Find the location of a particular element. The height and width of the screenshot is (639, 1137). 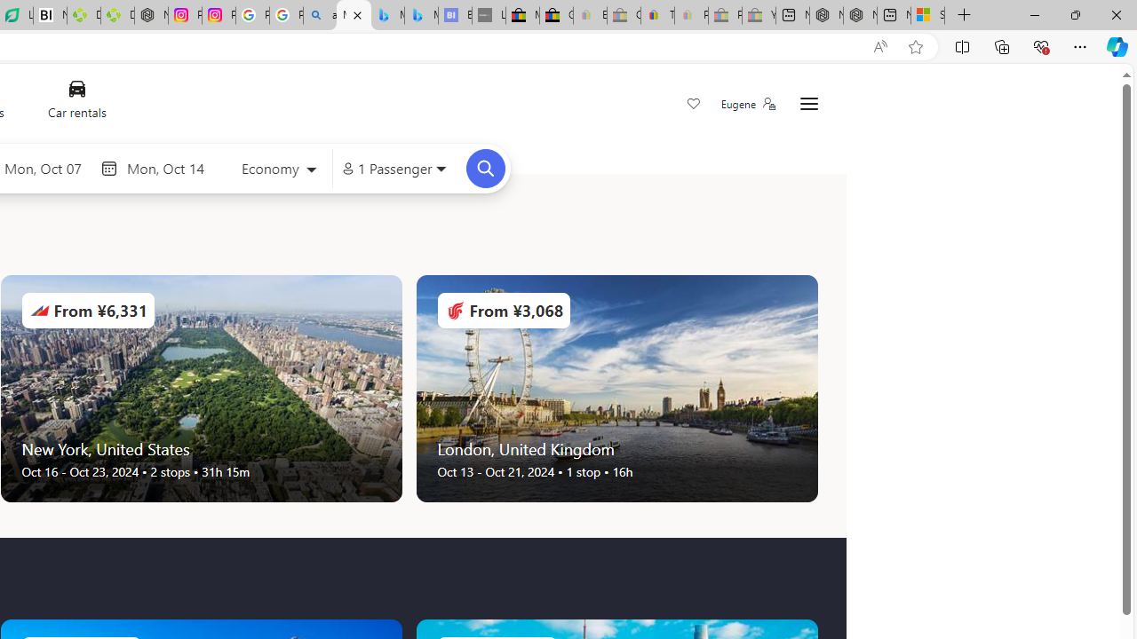

'End date' is located at coordinates (170, 168).